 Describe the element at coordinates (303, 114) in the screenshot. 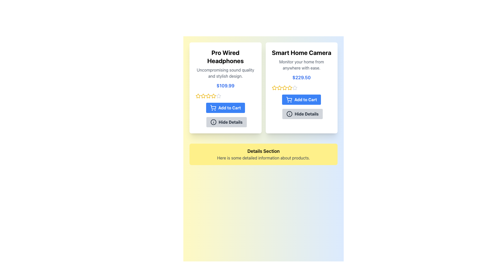

I see `the button that toggles the visibility of additional product details for the 'Smart Home Camera', located below the 'Add to Cart' button` at that location.